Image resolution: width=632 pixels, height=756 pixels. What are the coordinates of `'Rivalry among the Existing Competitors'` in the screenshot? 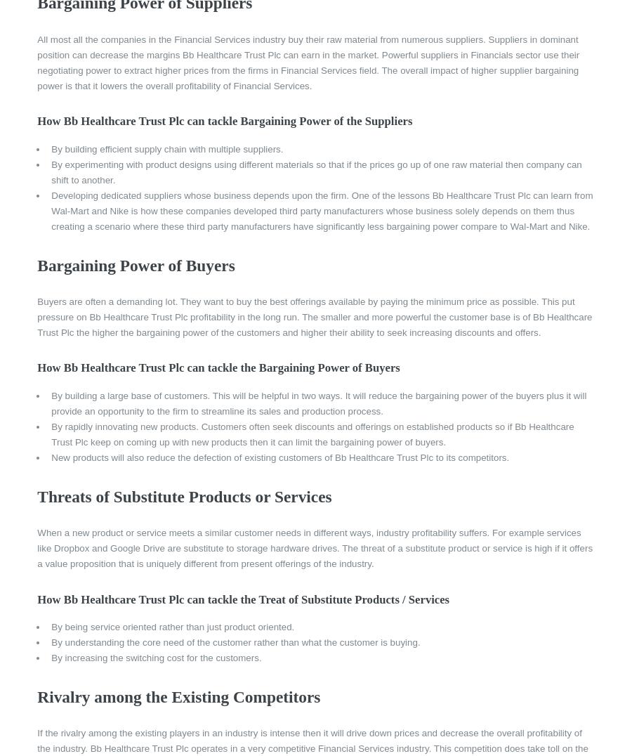 It's located at (178, 695).